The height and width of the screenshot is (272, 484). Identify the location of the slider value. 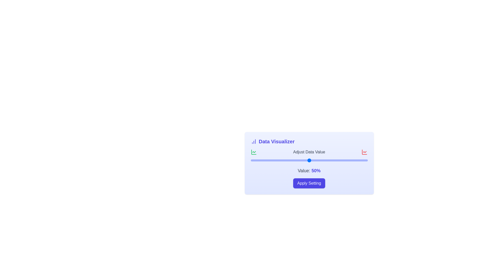
(301, 160).